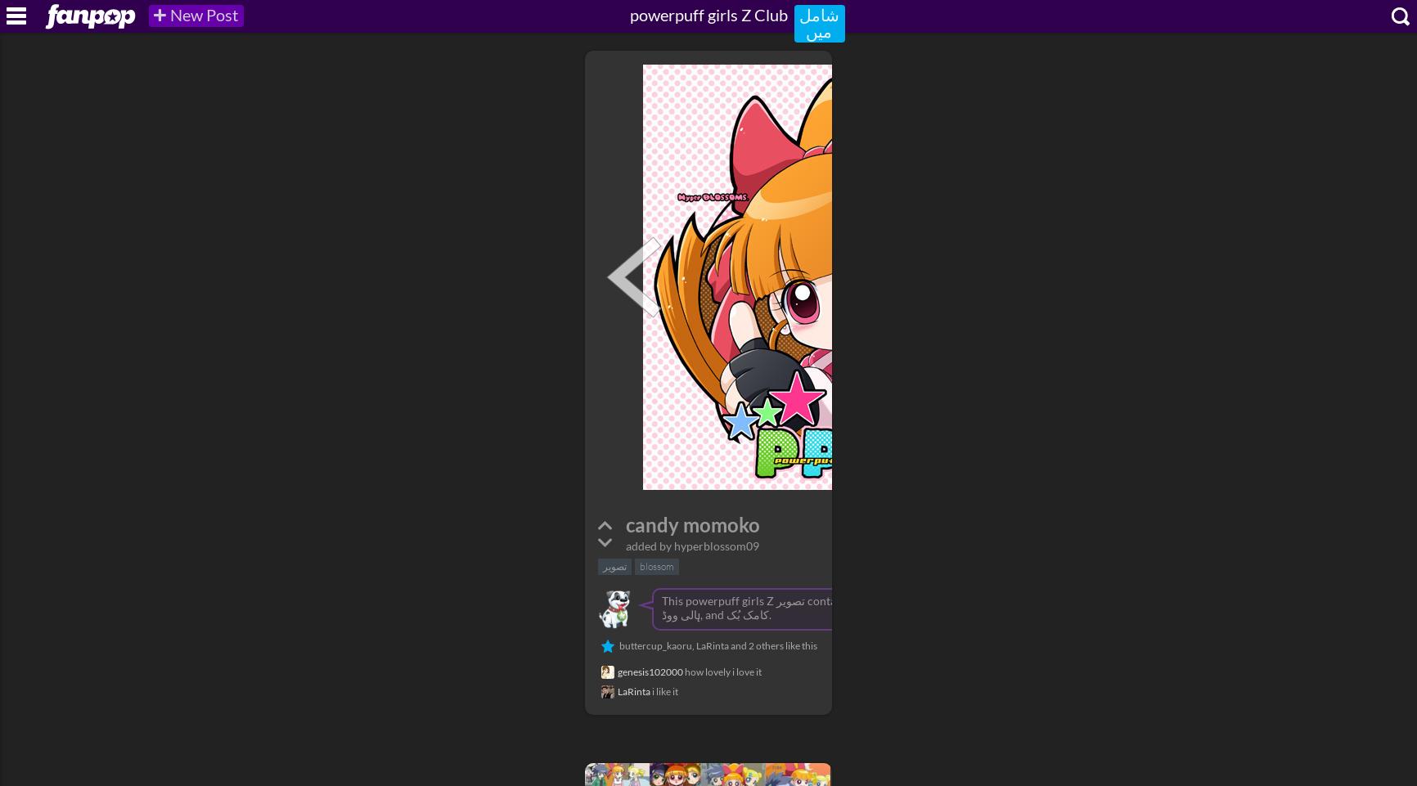  What do you see at coordinates (707, 13) in the screenshot?
I see `'powerpuff girls Z Club'` at bounding box center [707, 13].